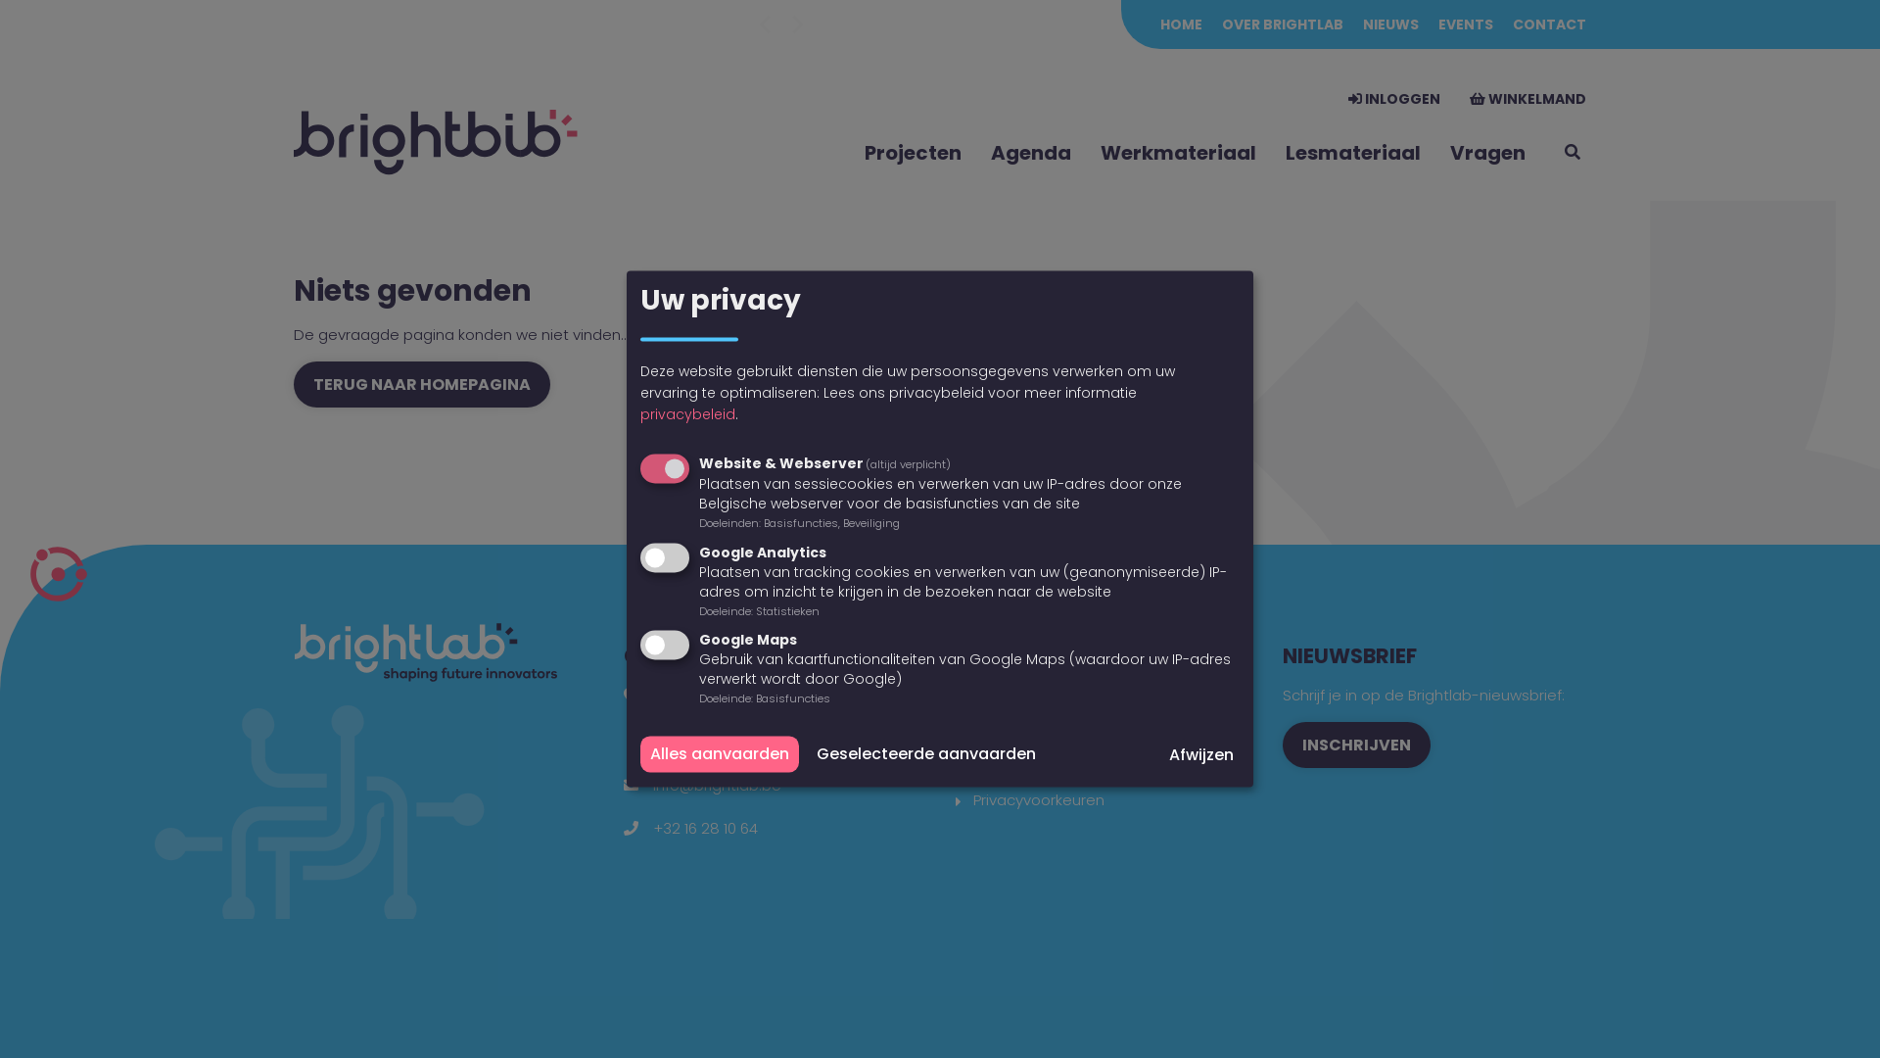 This screenshot has height=1058, width=1880. Describe the element at coordinates (1283, 24) in the screenshot. I see `'OVER BRIGHTLAB'` at that location.